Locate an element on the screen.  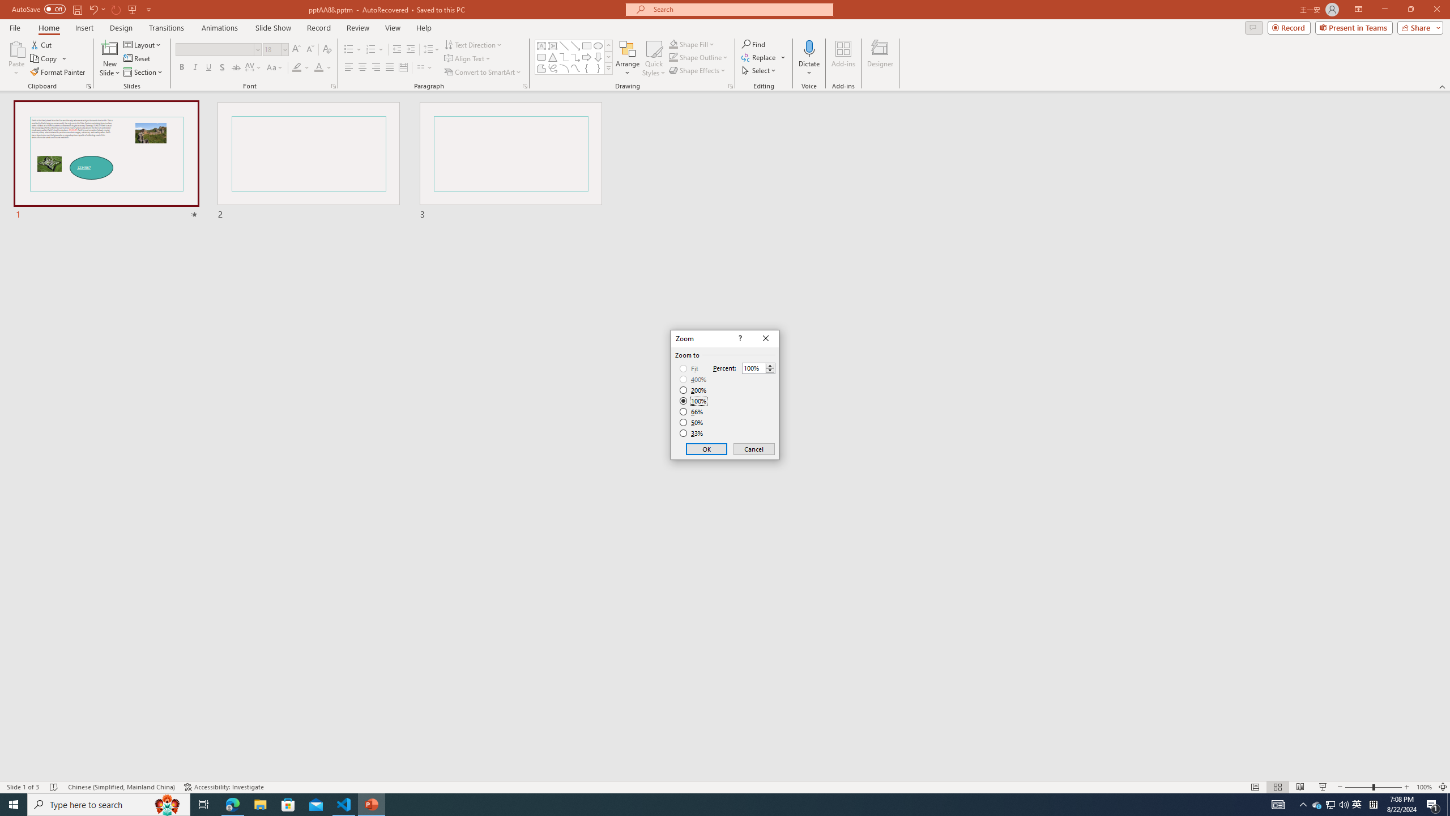
'66%' is located at coordinates (692, 411).